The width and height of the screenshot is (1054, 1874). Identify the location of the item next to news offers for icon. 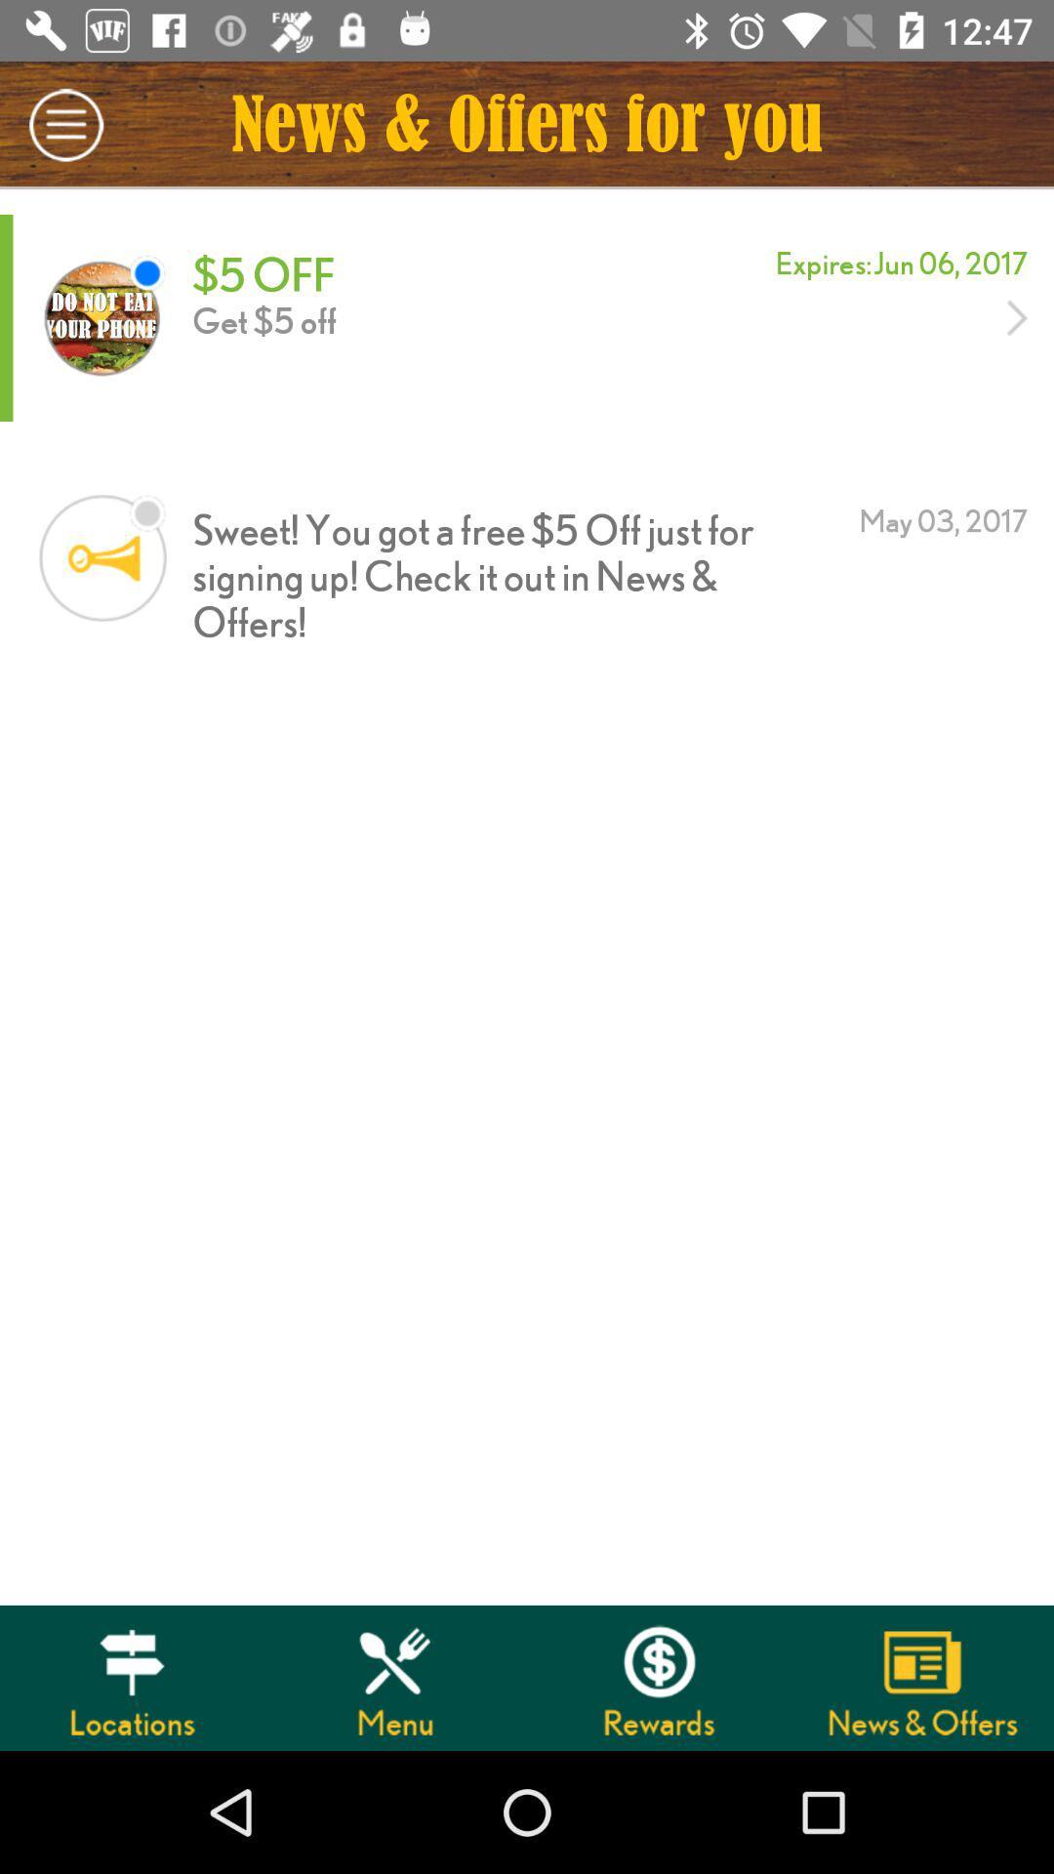
(64, 124).